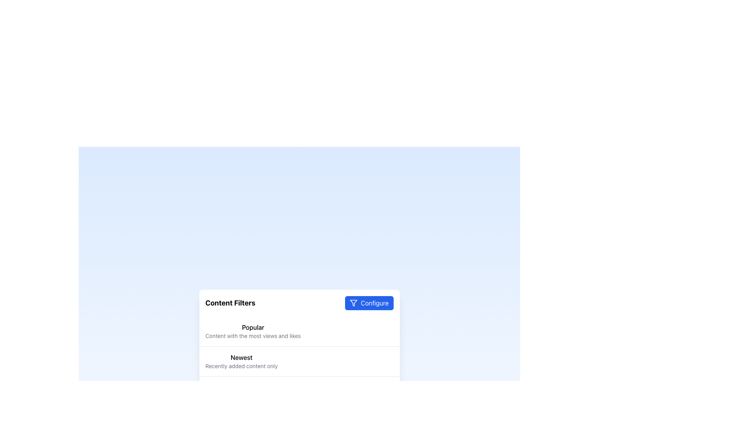 This screenshot has height=423, width=752. What do you see at coordinates (369, 303) in the screenshot?
I see `the configuration settings button located in the top-right corner of the 'Content Filters' section` at bounding box center [369, 303].